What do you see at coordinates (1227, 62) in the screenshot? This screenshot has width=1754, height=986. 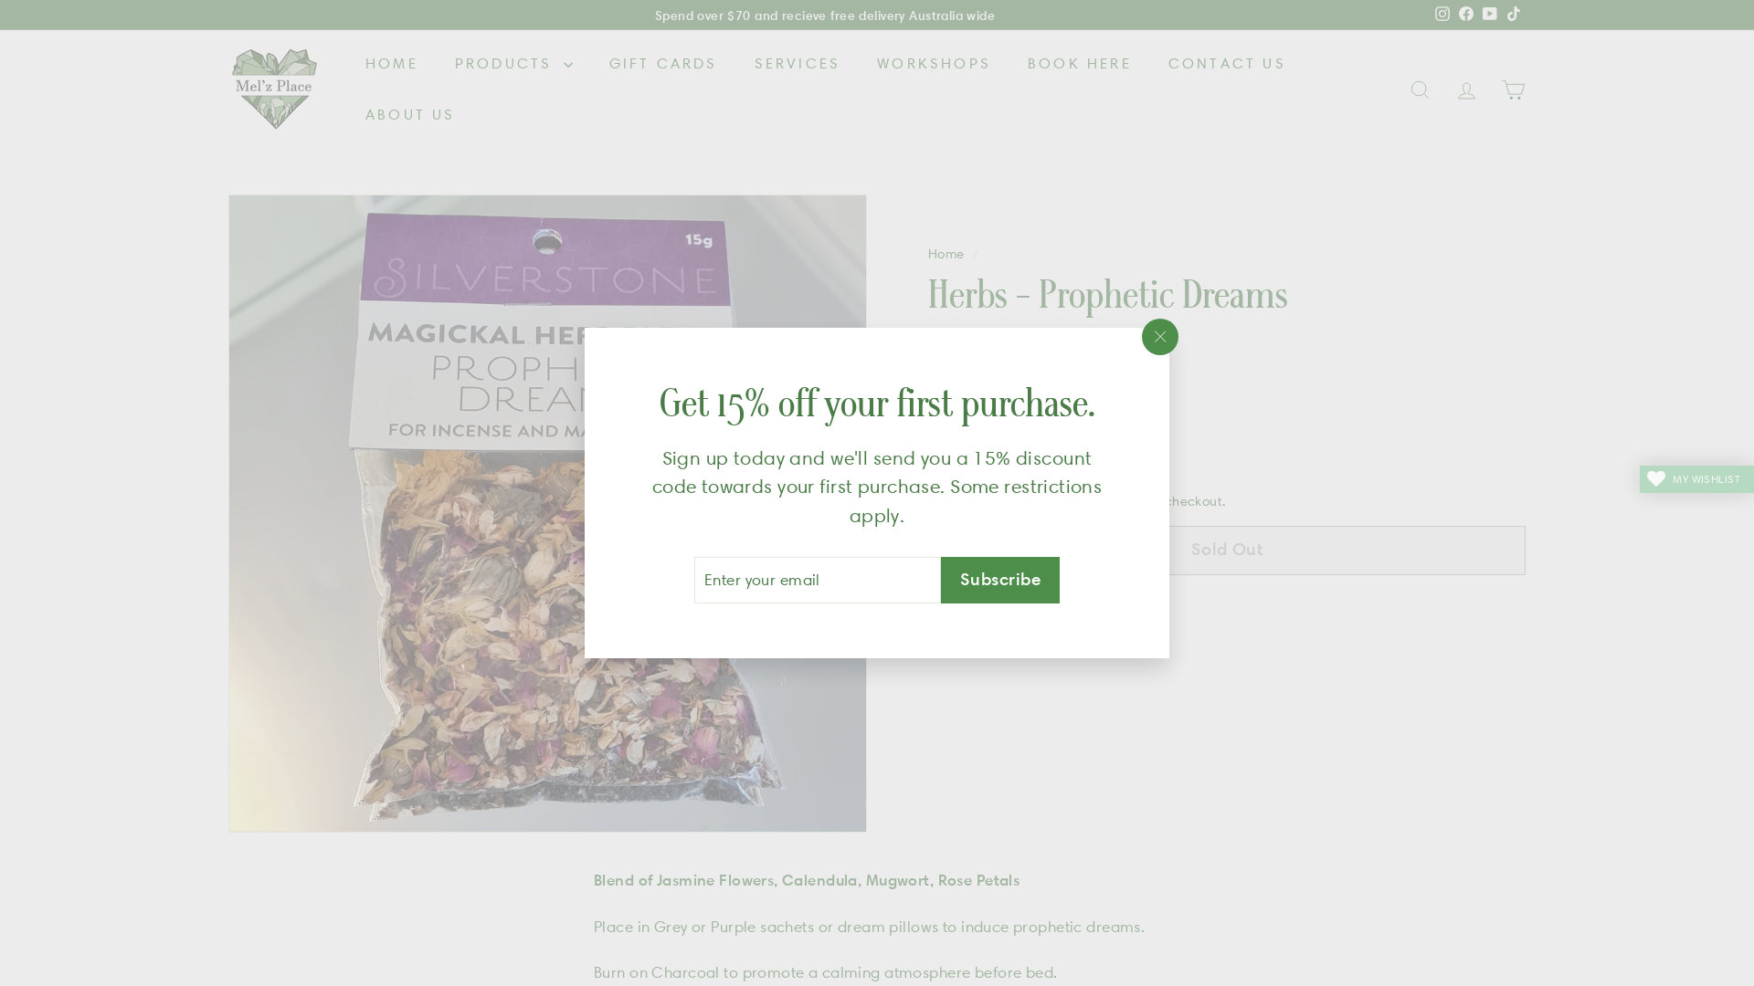 I see `'CONTACT US'` at bounding box center [1227, 62].